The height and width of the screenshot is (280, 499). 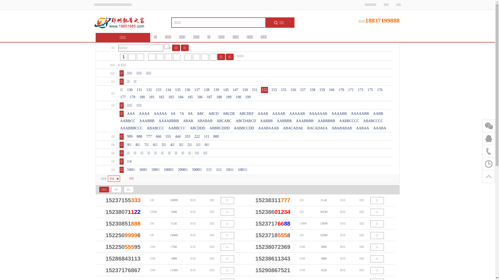 I want to click on '000', so click(x=216, y=136).